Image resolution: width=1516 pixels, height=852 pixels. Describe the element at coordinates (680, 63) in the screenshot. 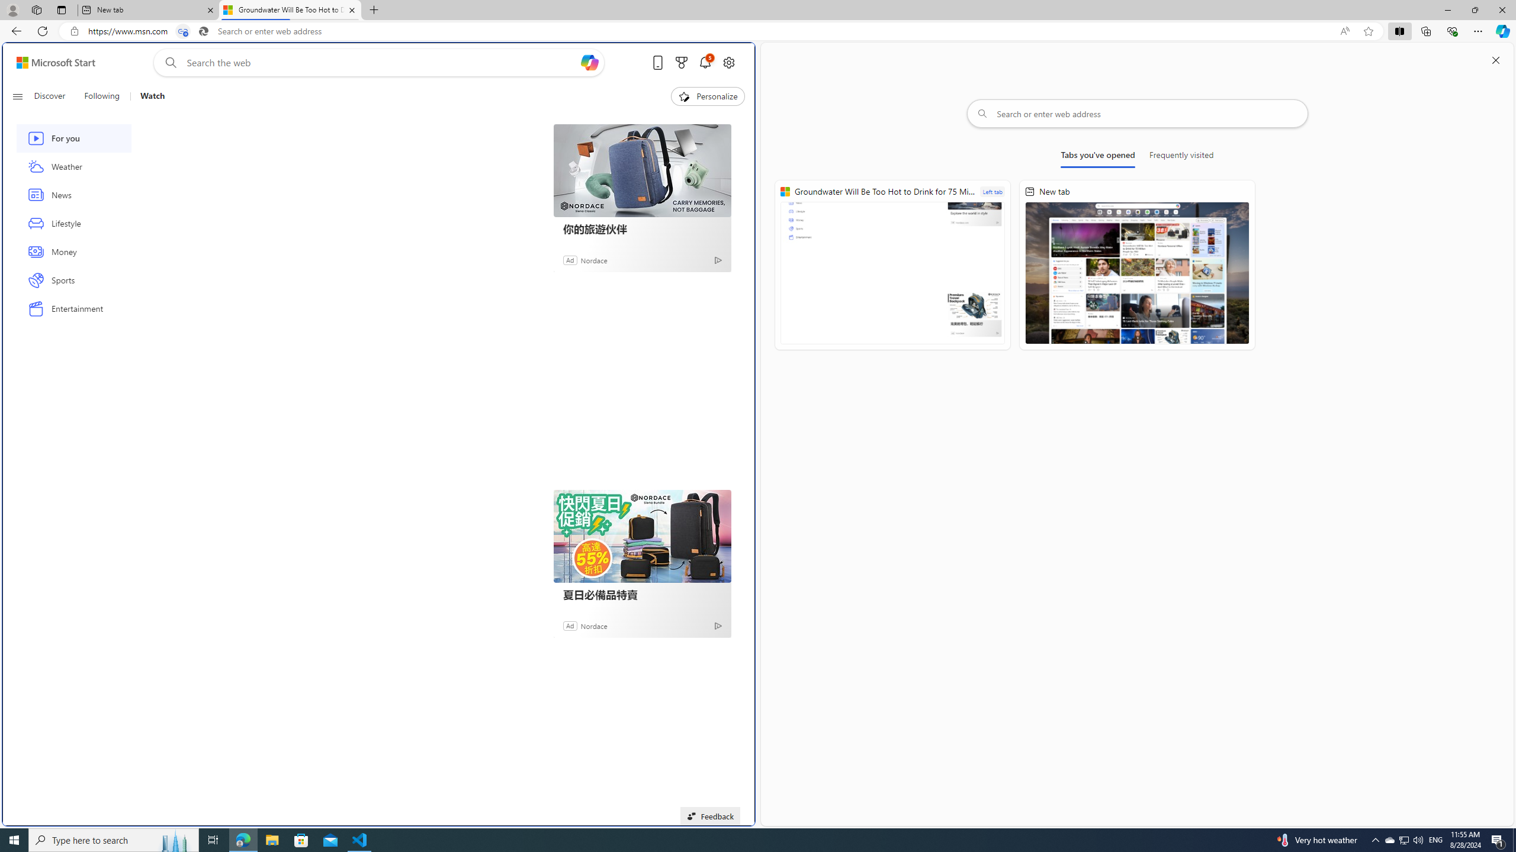

I see `'Microsoft rewards'` at that location.